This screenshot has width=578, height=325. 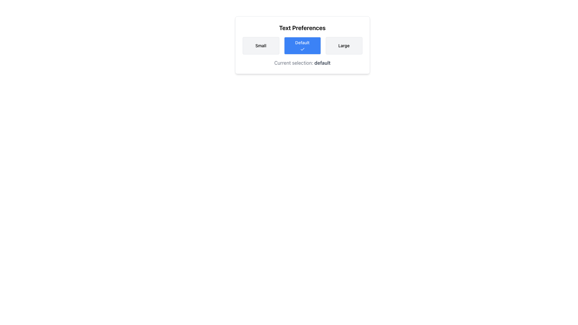 I want to click on the Text Display Component that shows 'Current selection: default', located at the bottom of the 'Text Preferences' panel, so click(x=302, y=63).